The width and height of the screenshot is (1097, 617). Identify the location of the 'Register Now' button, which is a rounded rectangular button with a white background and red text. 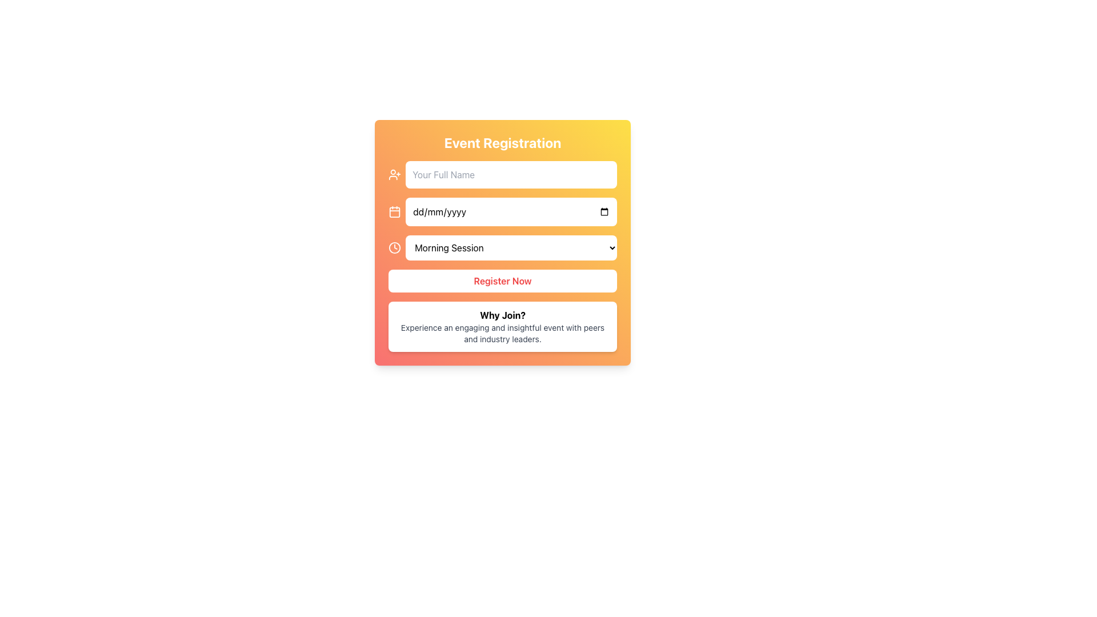
(502, 281).